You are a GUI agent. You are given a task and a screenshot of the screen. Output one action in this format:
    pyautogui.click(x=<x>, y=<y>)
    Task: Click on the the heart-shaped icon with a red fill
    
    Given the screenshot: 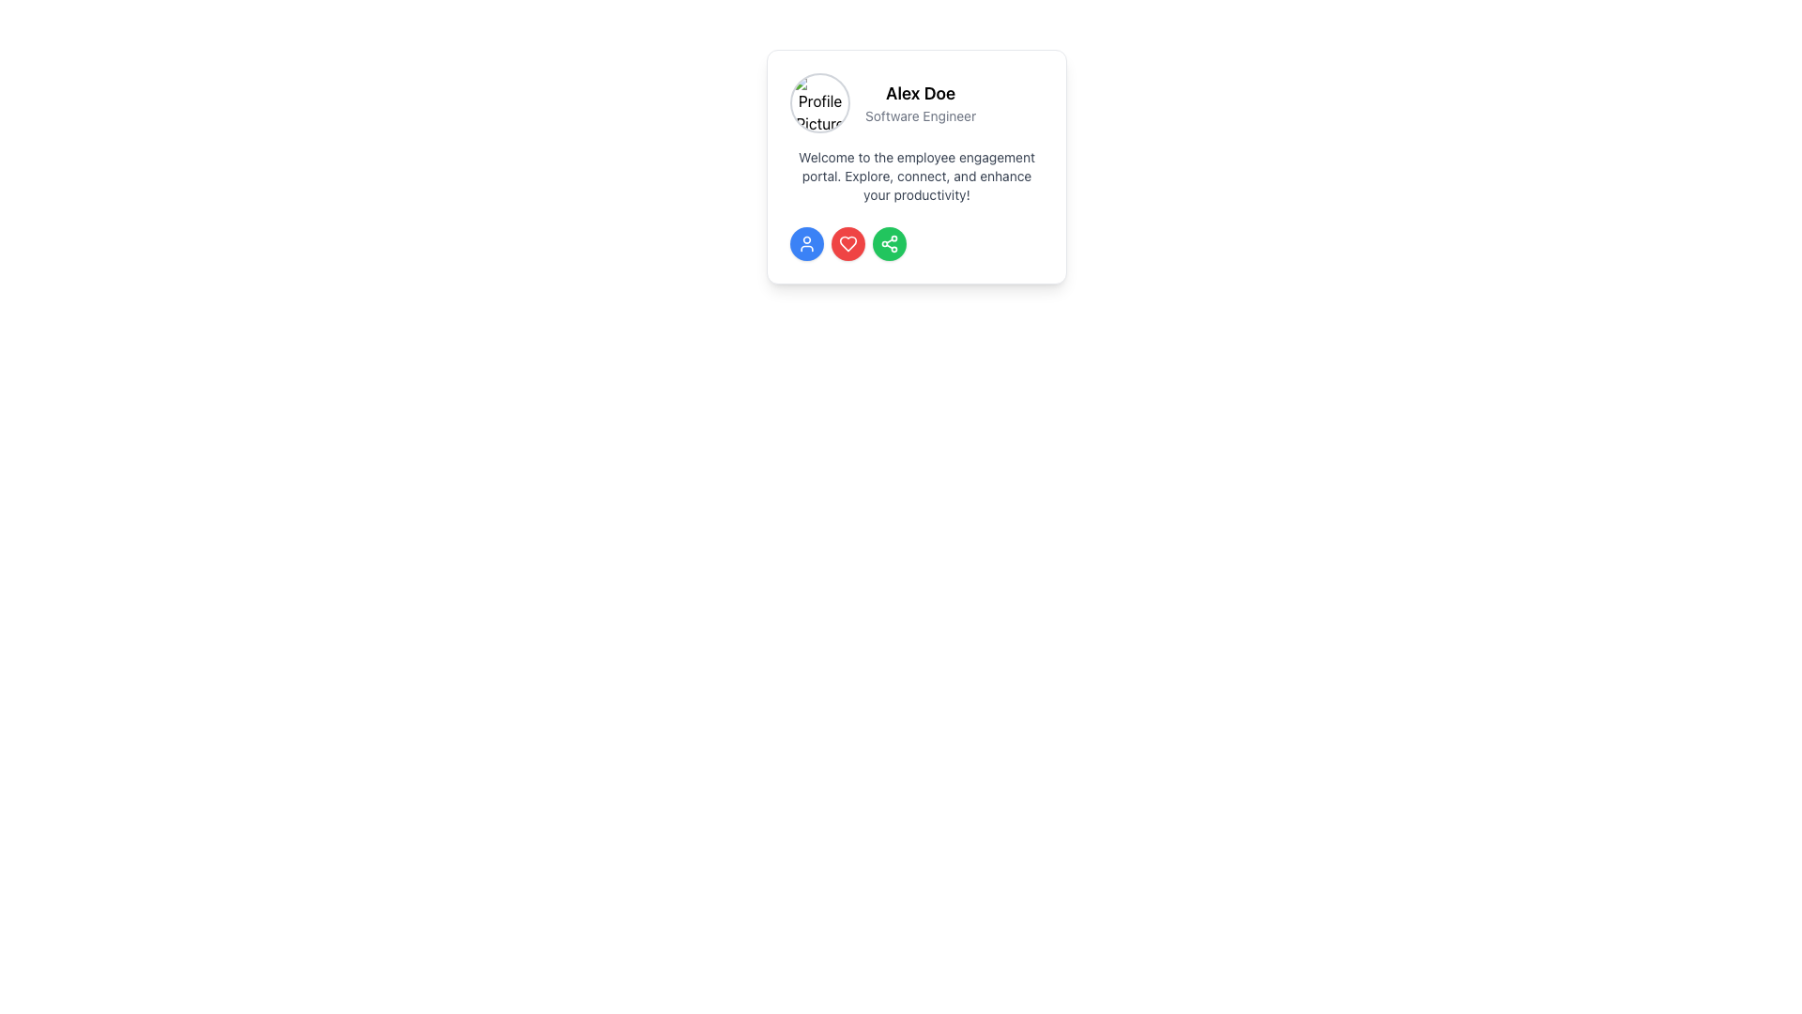 What is the action you would take?
    pyautogui.click(x=847, y=242)
    